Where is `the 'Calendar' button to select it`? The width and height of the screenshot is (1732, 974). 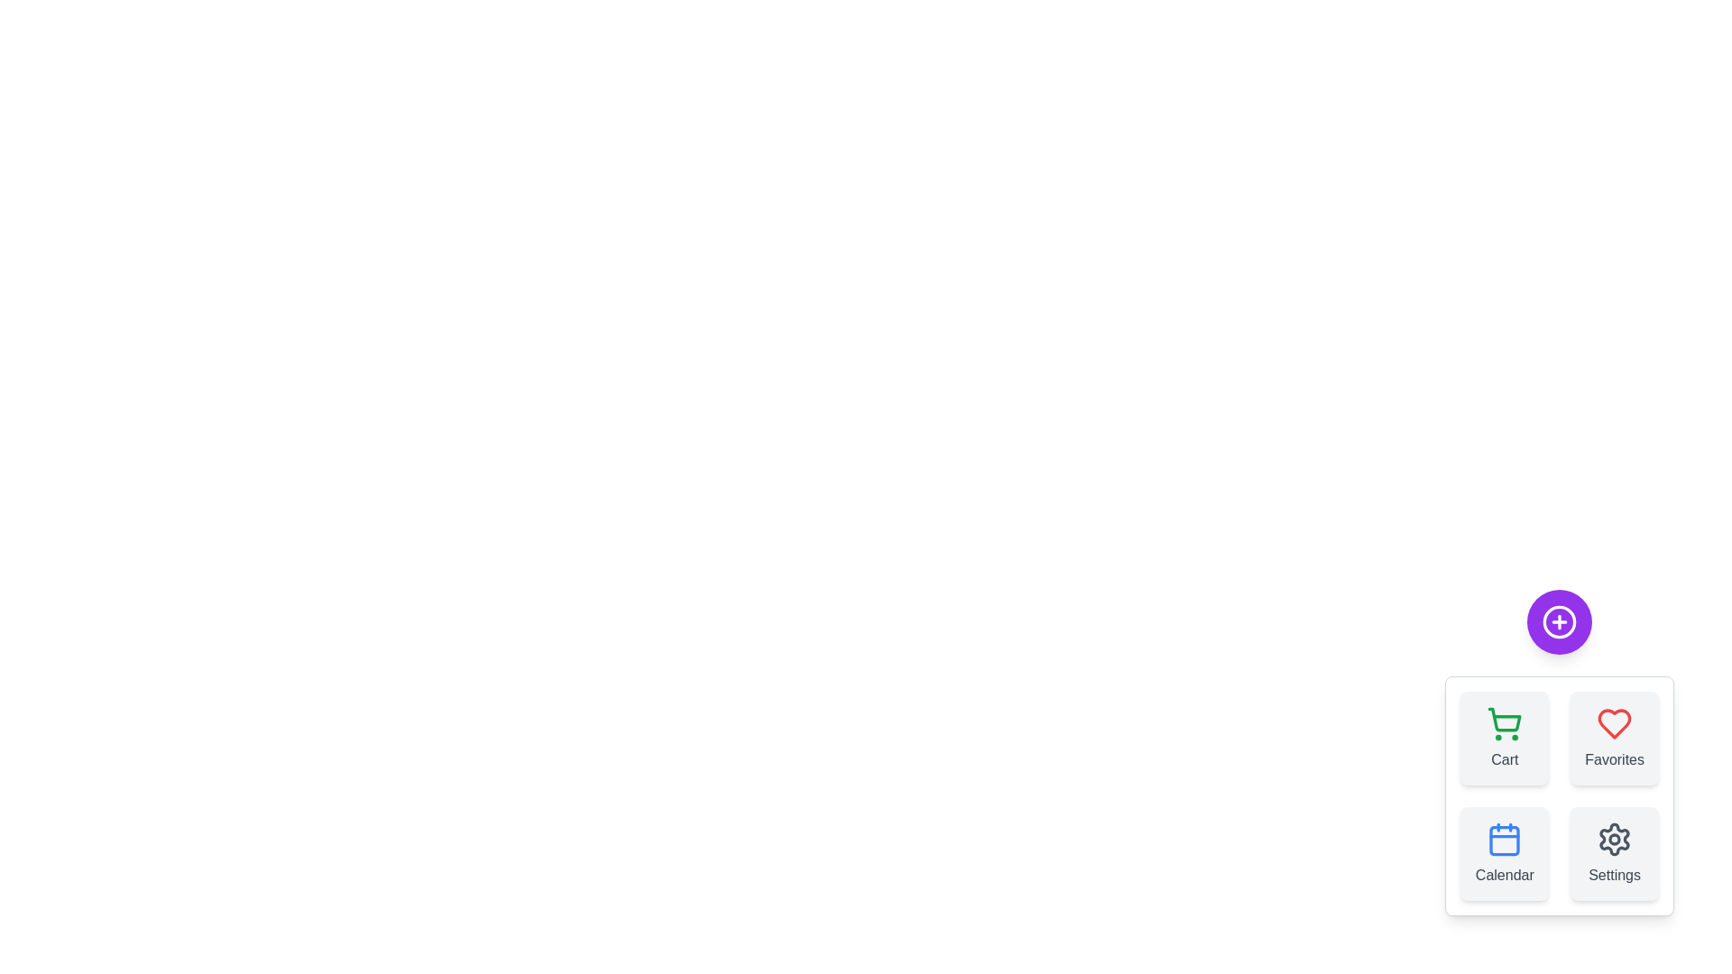 the 'Calendar' button to select it is located at coordinates (1505, 853).